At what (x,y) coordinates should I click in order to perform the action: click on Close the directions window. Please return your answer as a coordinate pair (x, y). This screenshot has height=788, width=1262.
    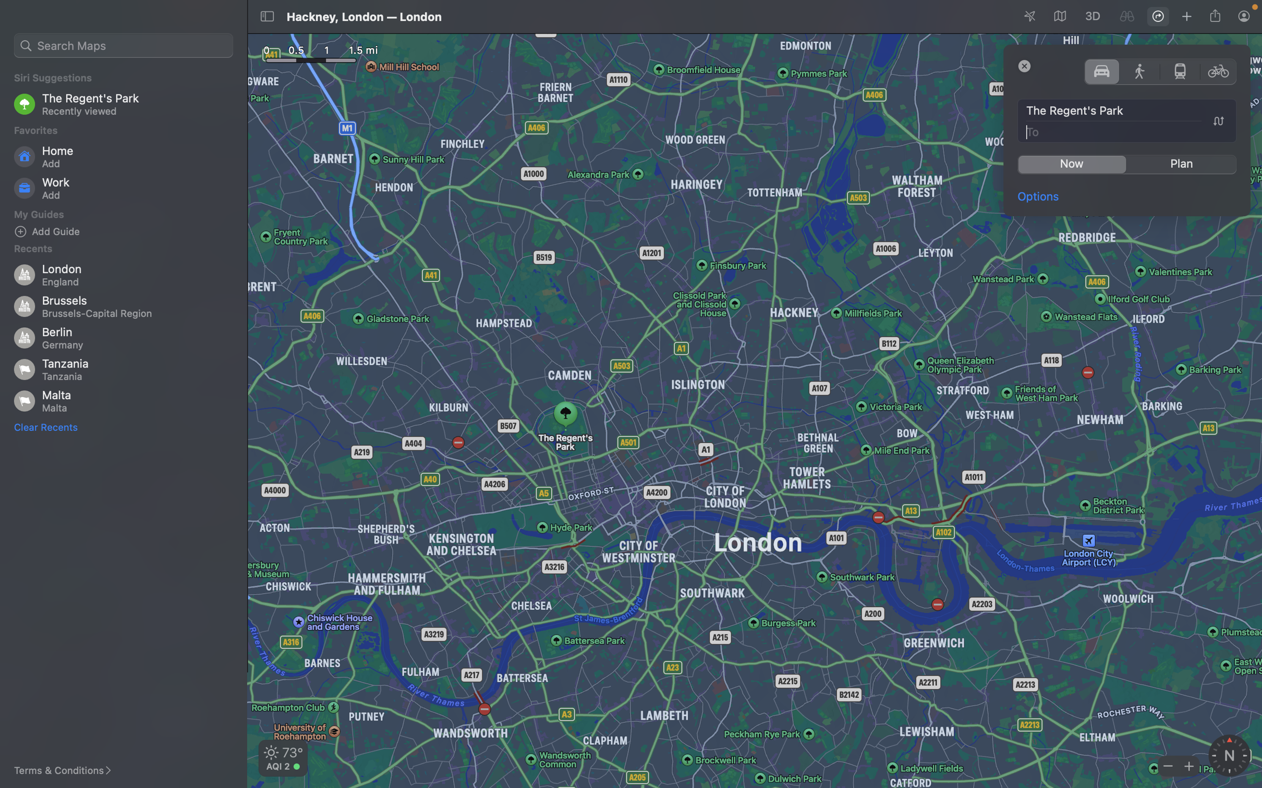
    Looking at the image, I should click on (1025, 65).